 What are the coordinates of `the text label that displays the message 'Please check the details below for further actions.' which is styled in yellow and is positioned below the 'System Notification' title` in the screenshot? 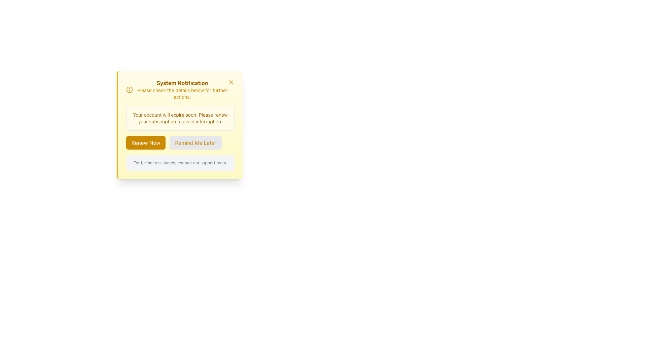 It's located at (182, 93).